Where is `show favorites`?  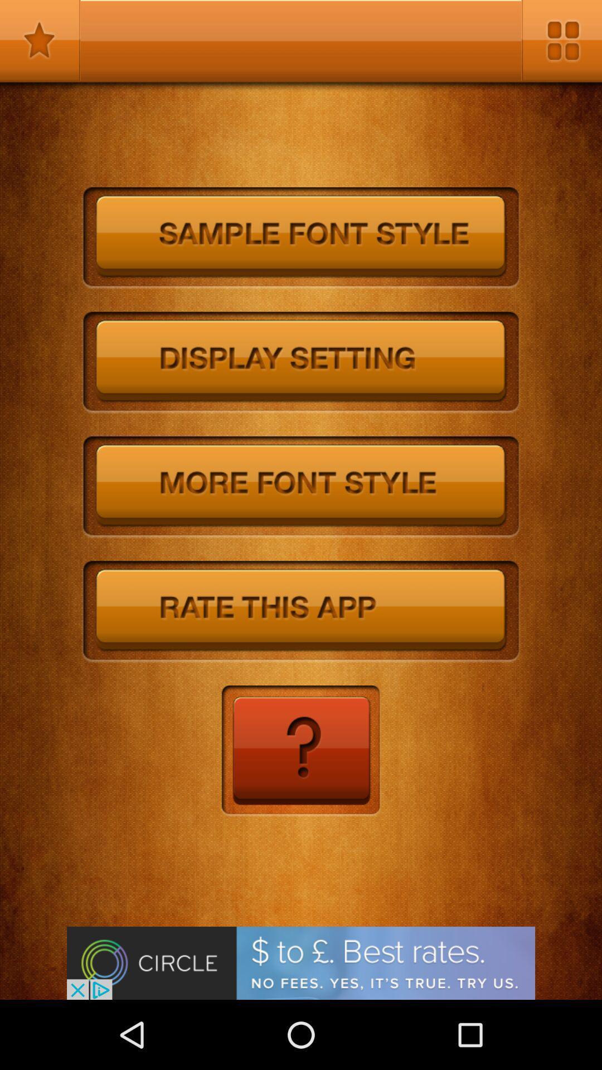
show favorites is located at coordinates (40, 40).